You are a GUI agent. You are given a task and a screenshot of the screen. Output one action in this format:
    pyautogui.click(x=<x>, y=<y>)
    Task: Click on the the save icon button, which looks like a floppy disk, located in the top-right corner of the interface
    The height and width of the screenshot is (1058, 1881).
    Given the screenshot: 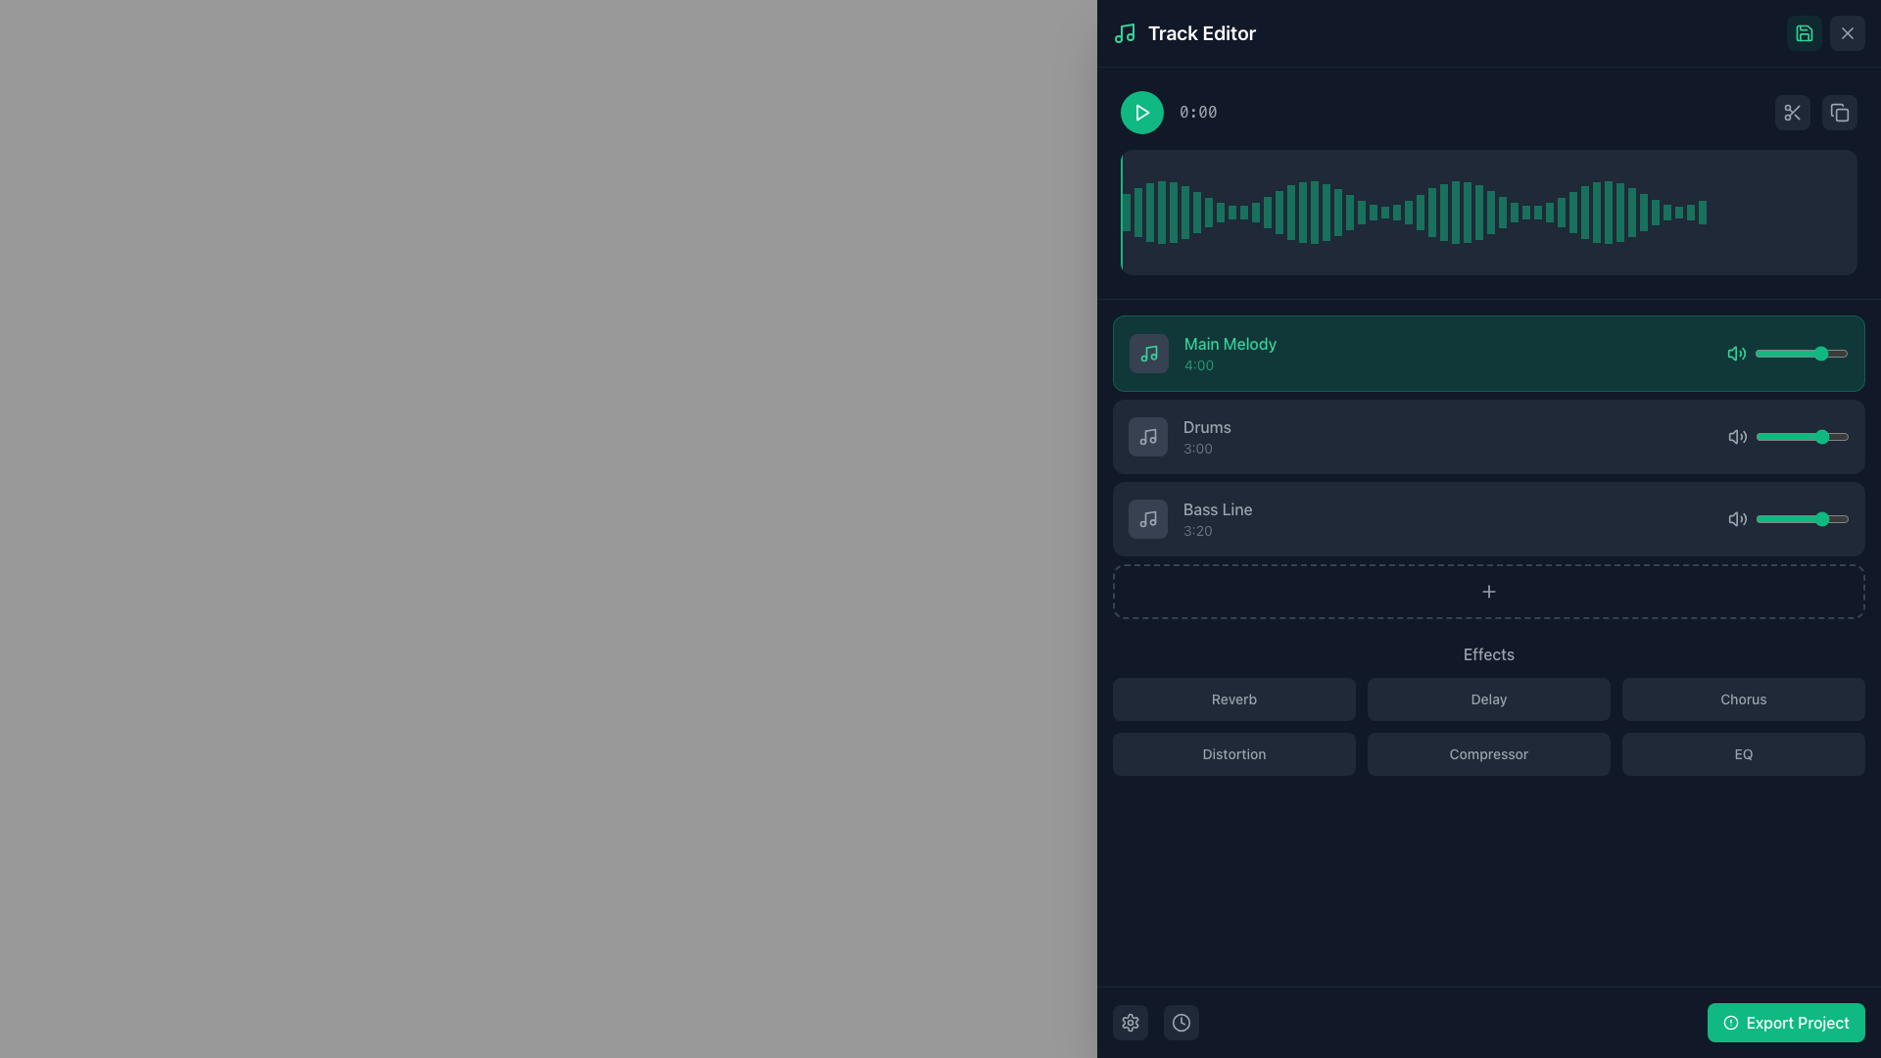 What is the action you would take?
    pyautogui.click(x=1804, y=33)
    